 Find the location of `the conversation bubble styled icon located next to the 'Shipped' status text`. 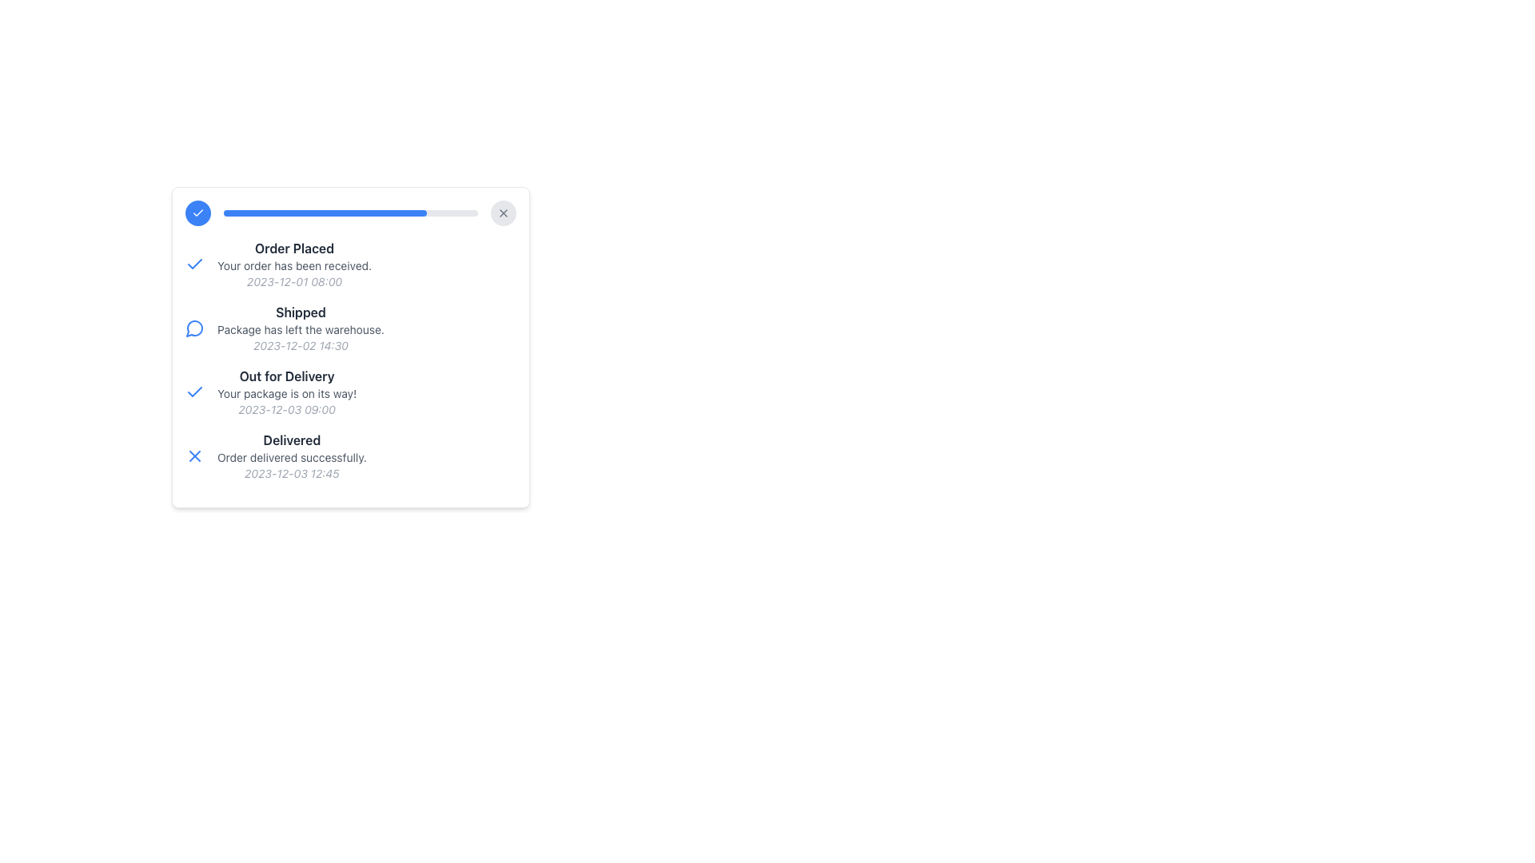

the conversation bubble styled icon located next to the 'Shipped' status text is located at coordinates (193, 328).